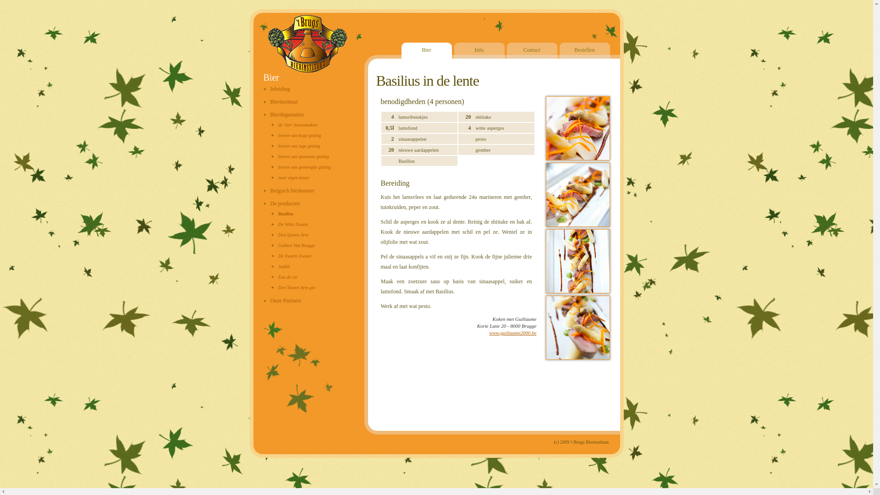  Describe the element at coordinates (270, 287) in the screenshot. I see `'Den Yzeren Arm gin'` at that location.